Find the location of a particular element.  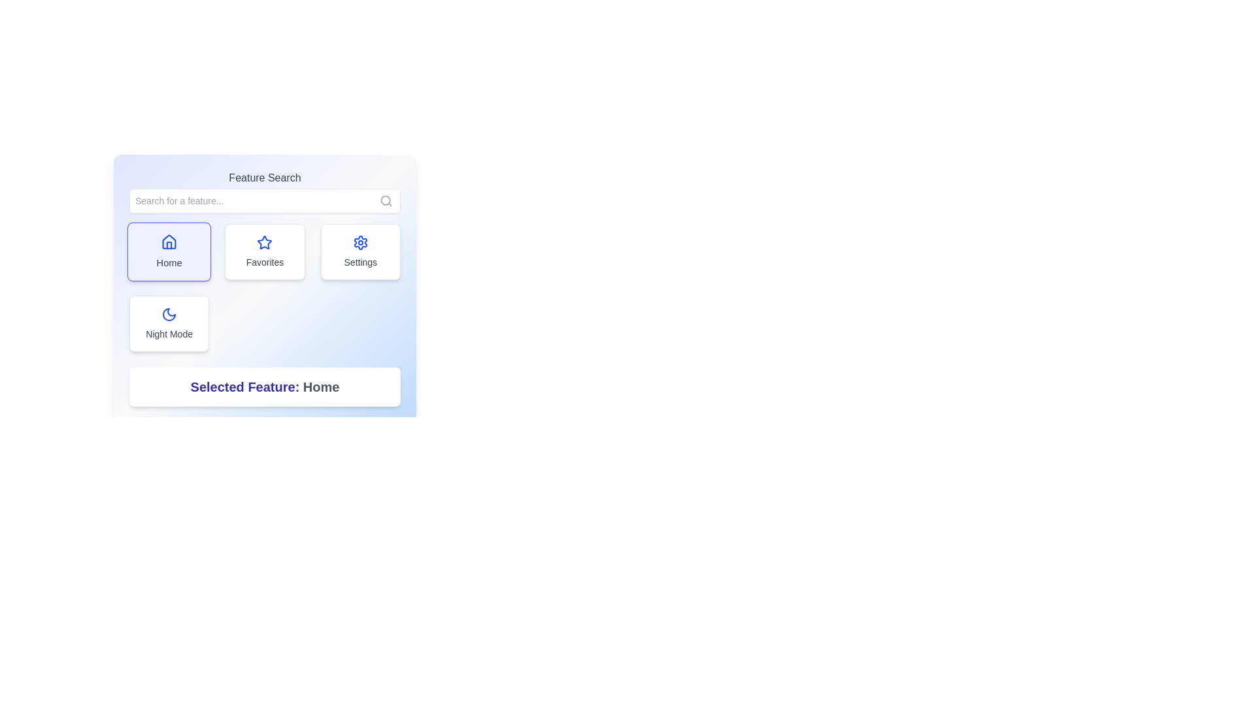

the 'Night Mode' text label which is styled in gray color and located within a white rounded card at the bottom left of the card group is located at coordinates (169, 334).